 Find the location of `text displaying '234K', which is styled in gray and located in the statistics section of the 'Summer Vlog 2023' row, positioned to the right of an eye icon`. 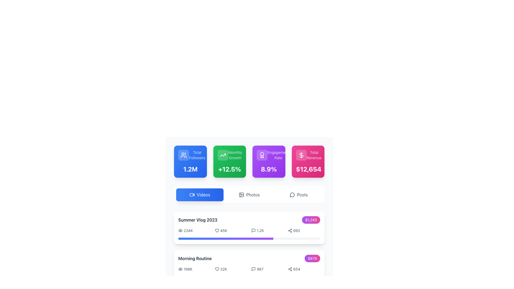

text displaying '234K', which is styled in gray and located in the statistics section of the 'Summer Vlog 2023' row, positioned to the right of an eye icon is located at coordinates (188, 230).